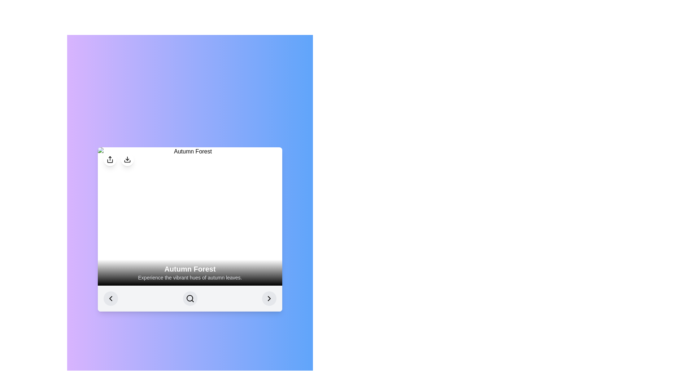 The width and height of the screenshot is (693, 389). Describe the element at coordinates (190, 299) in the screenshot. I see `the magnifying glass icon button located at the center of the toolbar in the card-like UI section for accessibility interactions` at that location.